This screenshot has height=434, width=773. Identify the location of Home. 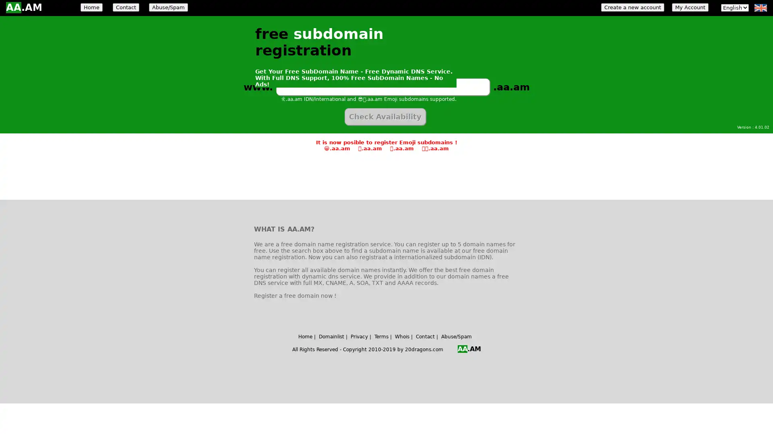
(91, 7).